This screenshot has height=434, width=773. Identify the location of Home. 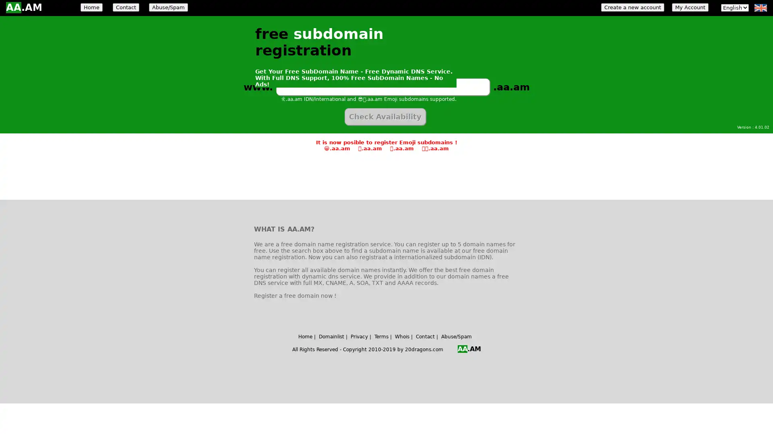
(91, 7).